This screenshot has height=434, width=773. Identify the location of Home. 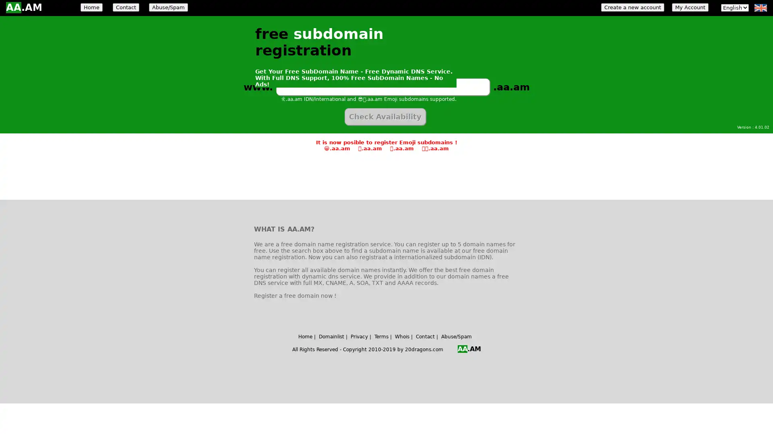
(91, 7).